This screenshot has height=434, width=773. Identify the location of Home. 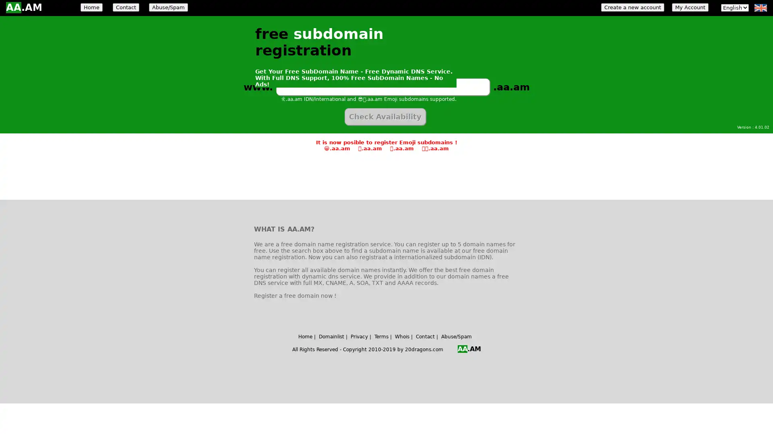
(91, 7).